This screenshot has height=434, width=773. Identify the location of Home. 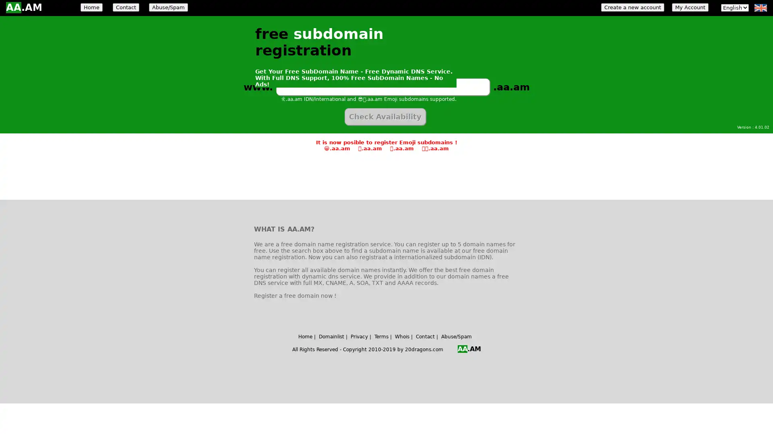
(91, 7).